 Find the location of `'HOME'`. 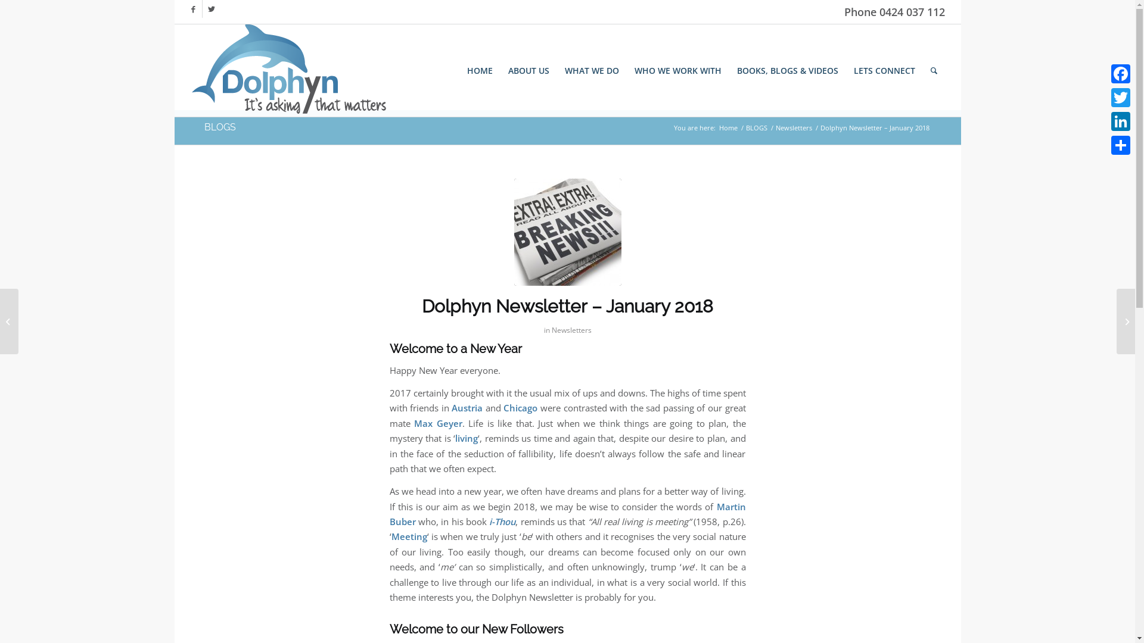

'HOME' is located at coordinates (480, 70).